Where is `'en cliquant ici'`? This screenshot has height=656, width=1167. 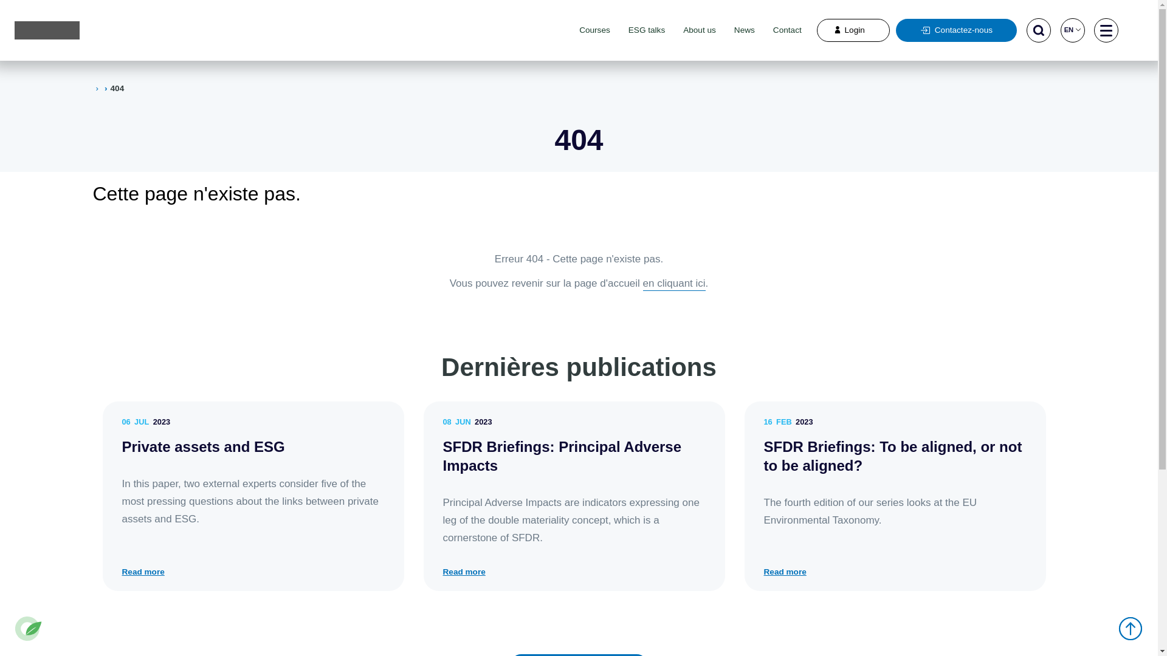
'en cliquant ici' is located at coordinates (673, 283).